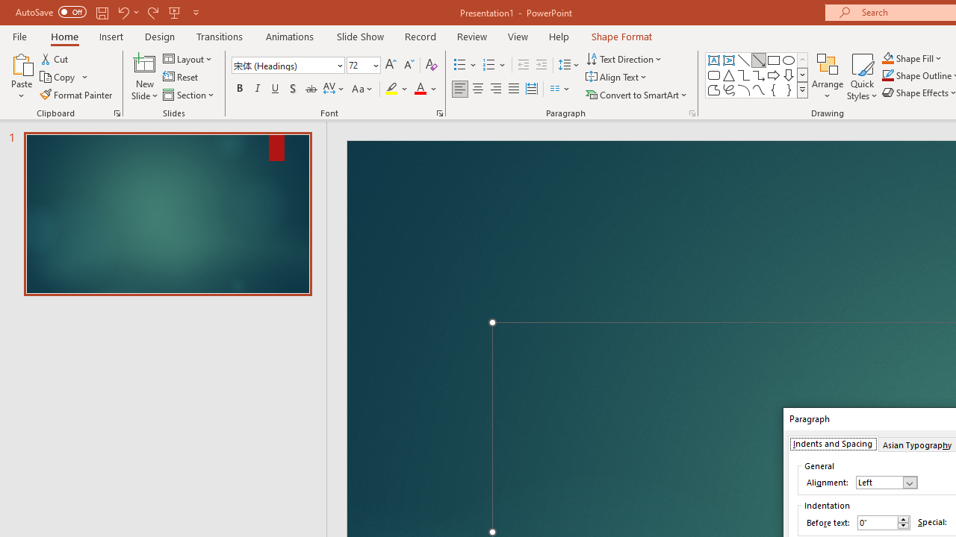  Describe the element at coordinates (884, 522) in the screenshot. I see `'Before text'` at that location.